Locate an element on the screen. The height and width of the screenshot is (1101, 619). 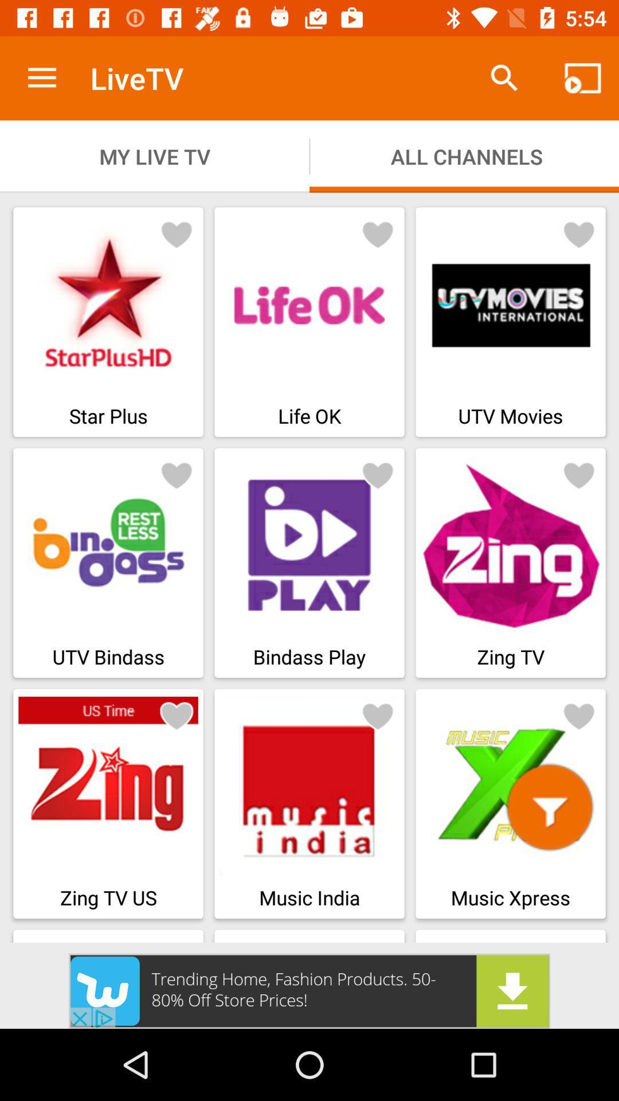
like is located at coordinates (579, 475).